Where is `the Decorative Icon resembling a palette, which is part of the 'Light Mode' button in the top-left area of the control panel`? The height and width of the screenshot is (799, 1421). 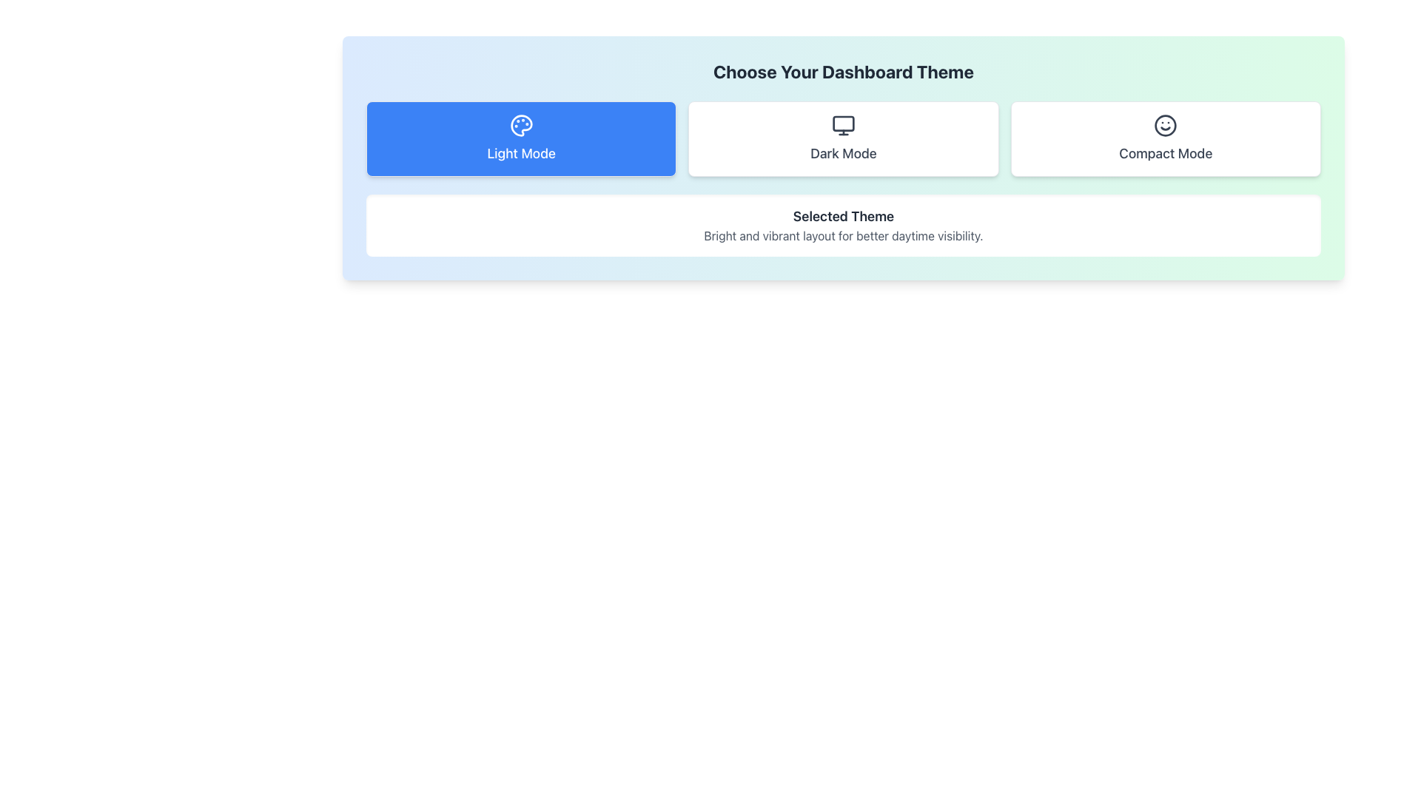 the Decorative Icon resembling a palette, which is part of the 'Light Mode' button in the top-left area of the control panel is located at coordinates (521, 124).